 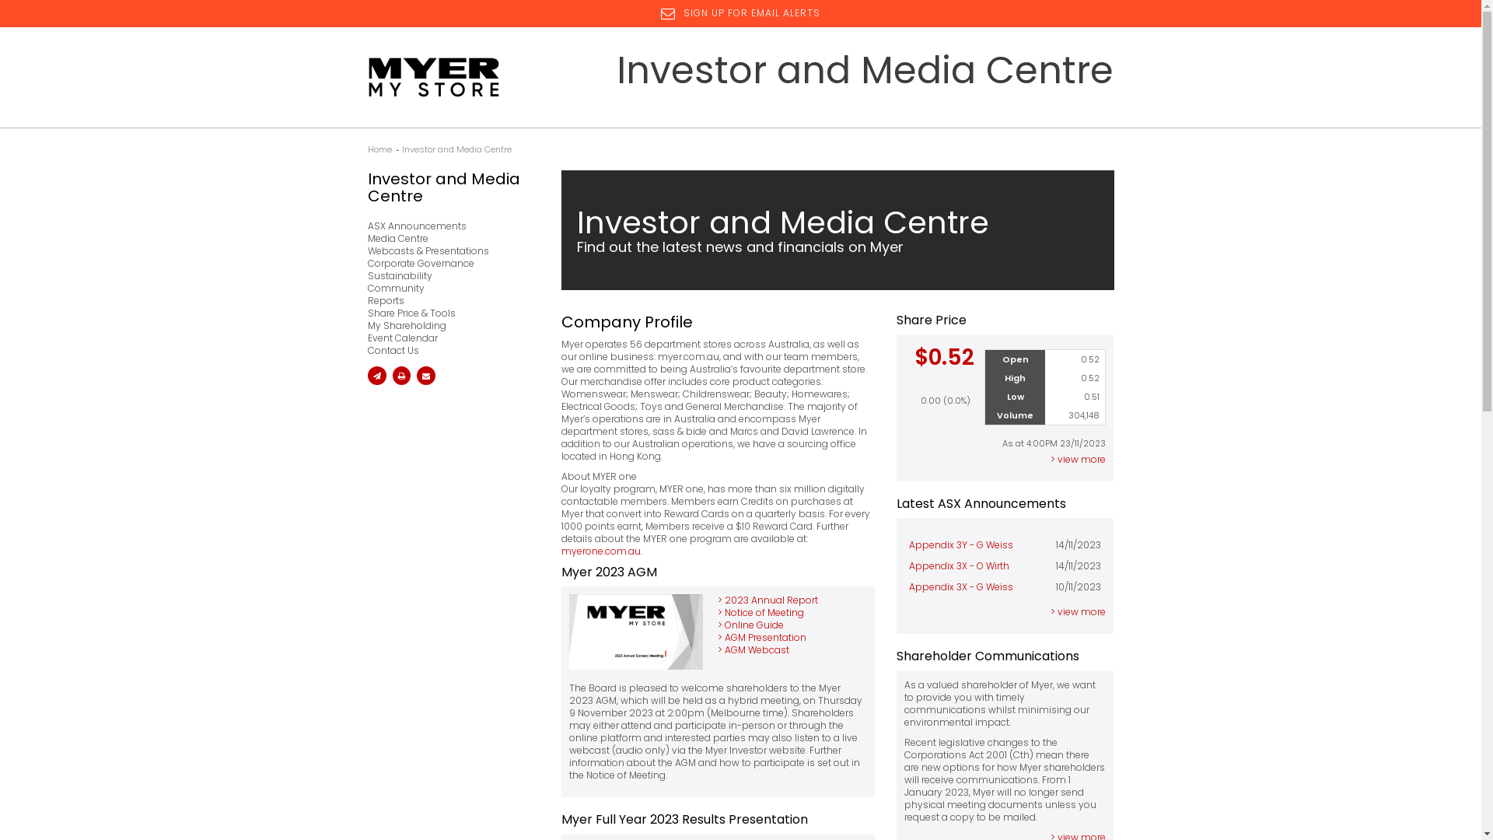 What do you see at coordinates (761, 637) in the screenshot?
I see `'> AGM Presentation'` at bounding box center [761, 637].